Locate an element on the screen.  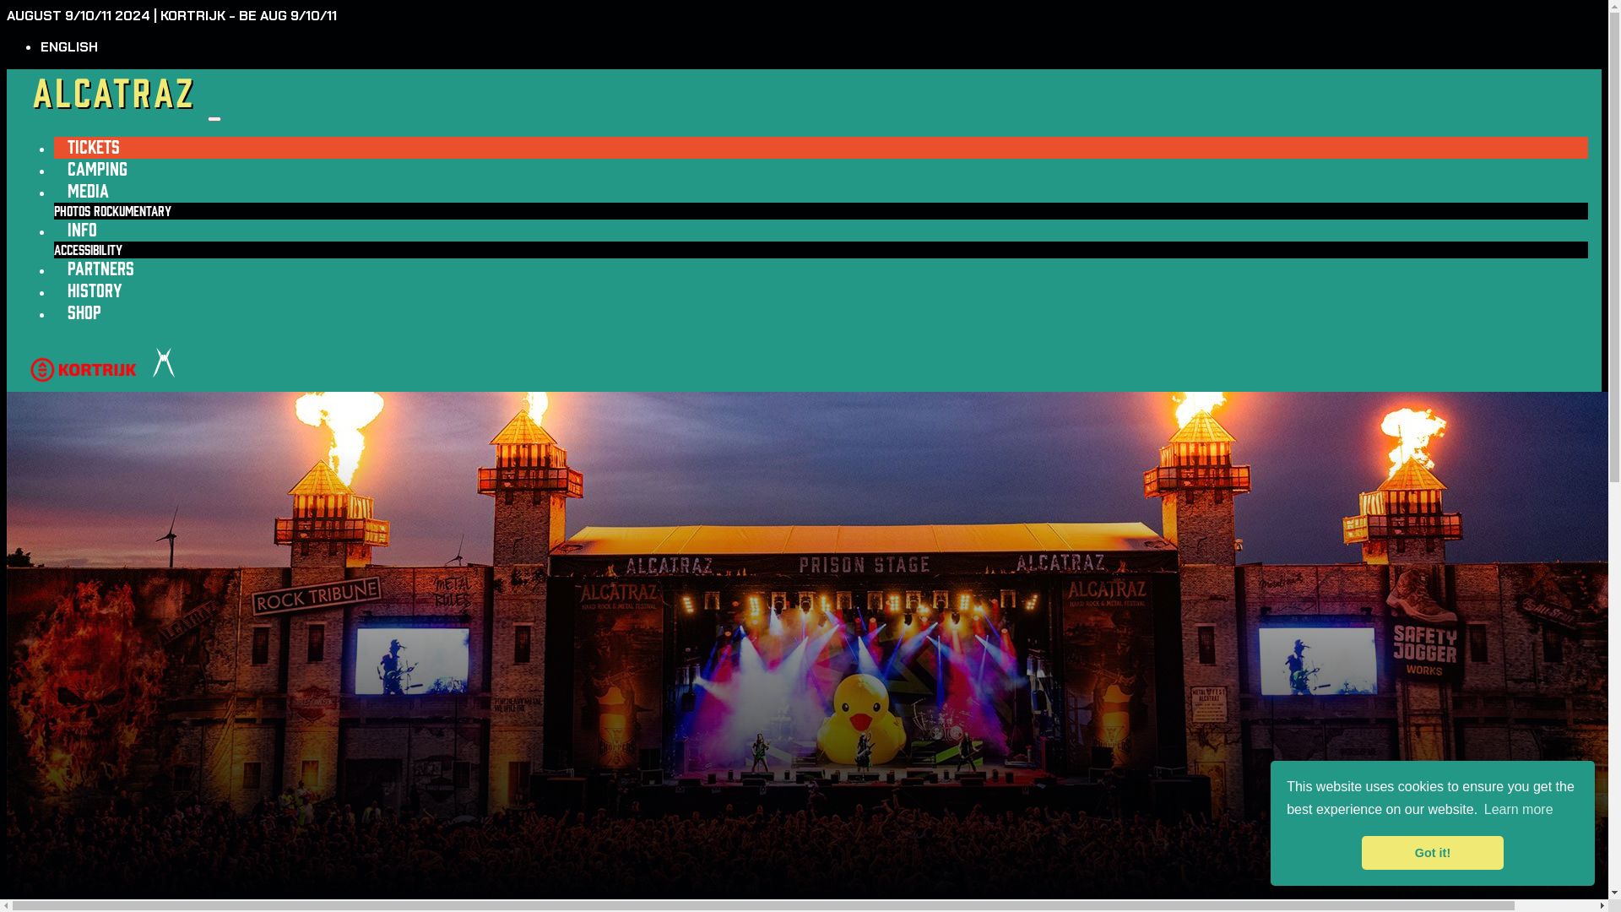
'CAMPING' is located at coordinates (96, 169).